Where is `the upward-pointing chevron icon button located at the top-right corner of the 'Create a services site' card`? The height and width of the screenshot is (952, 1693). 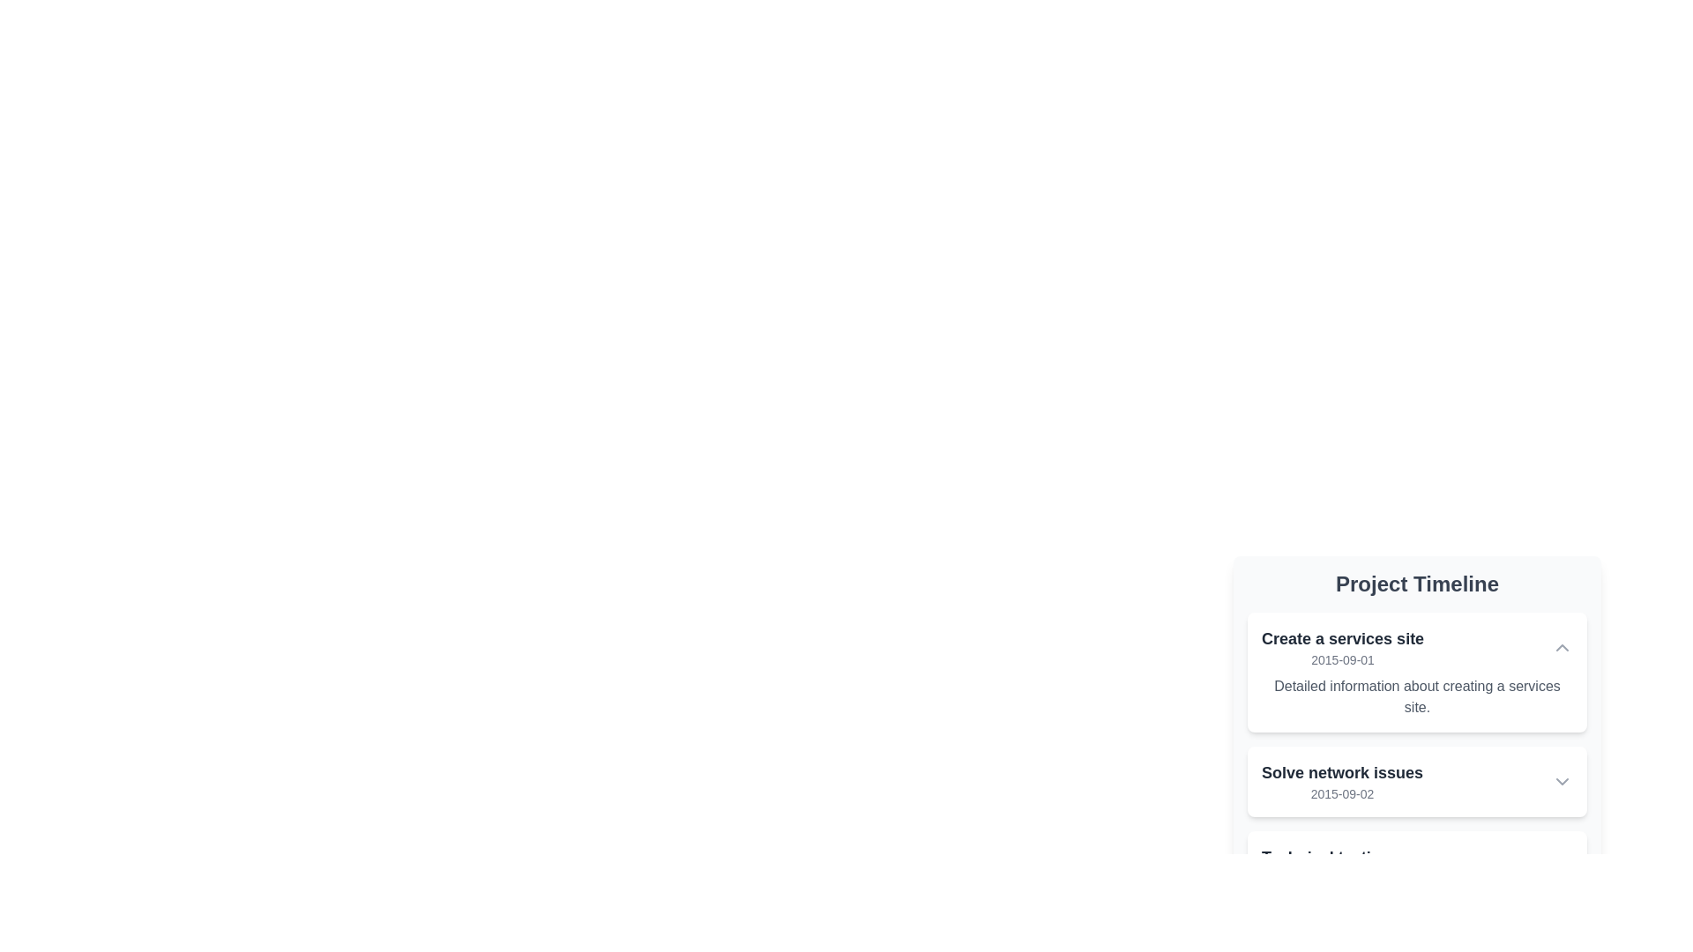 the upward-pointing chevron icon button located at the top-right corner of the 'Create a services site' card is located at coordinates (1562, 648).